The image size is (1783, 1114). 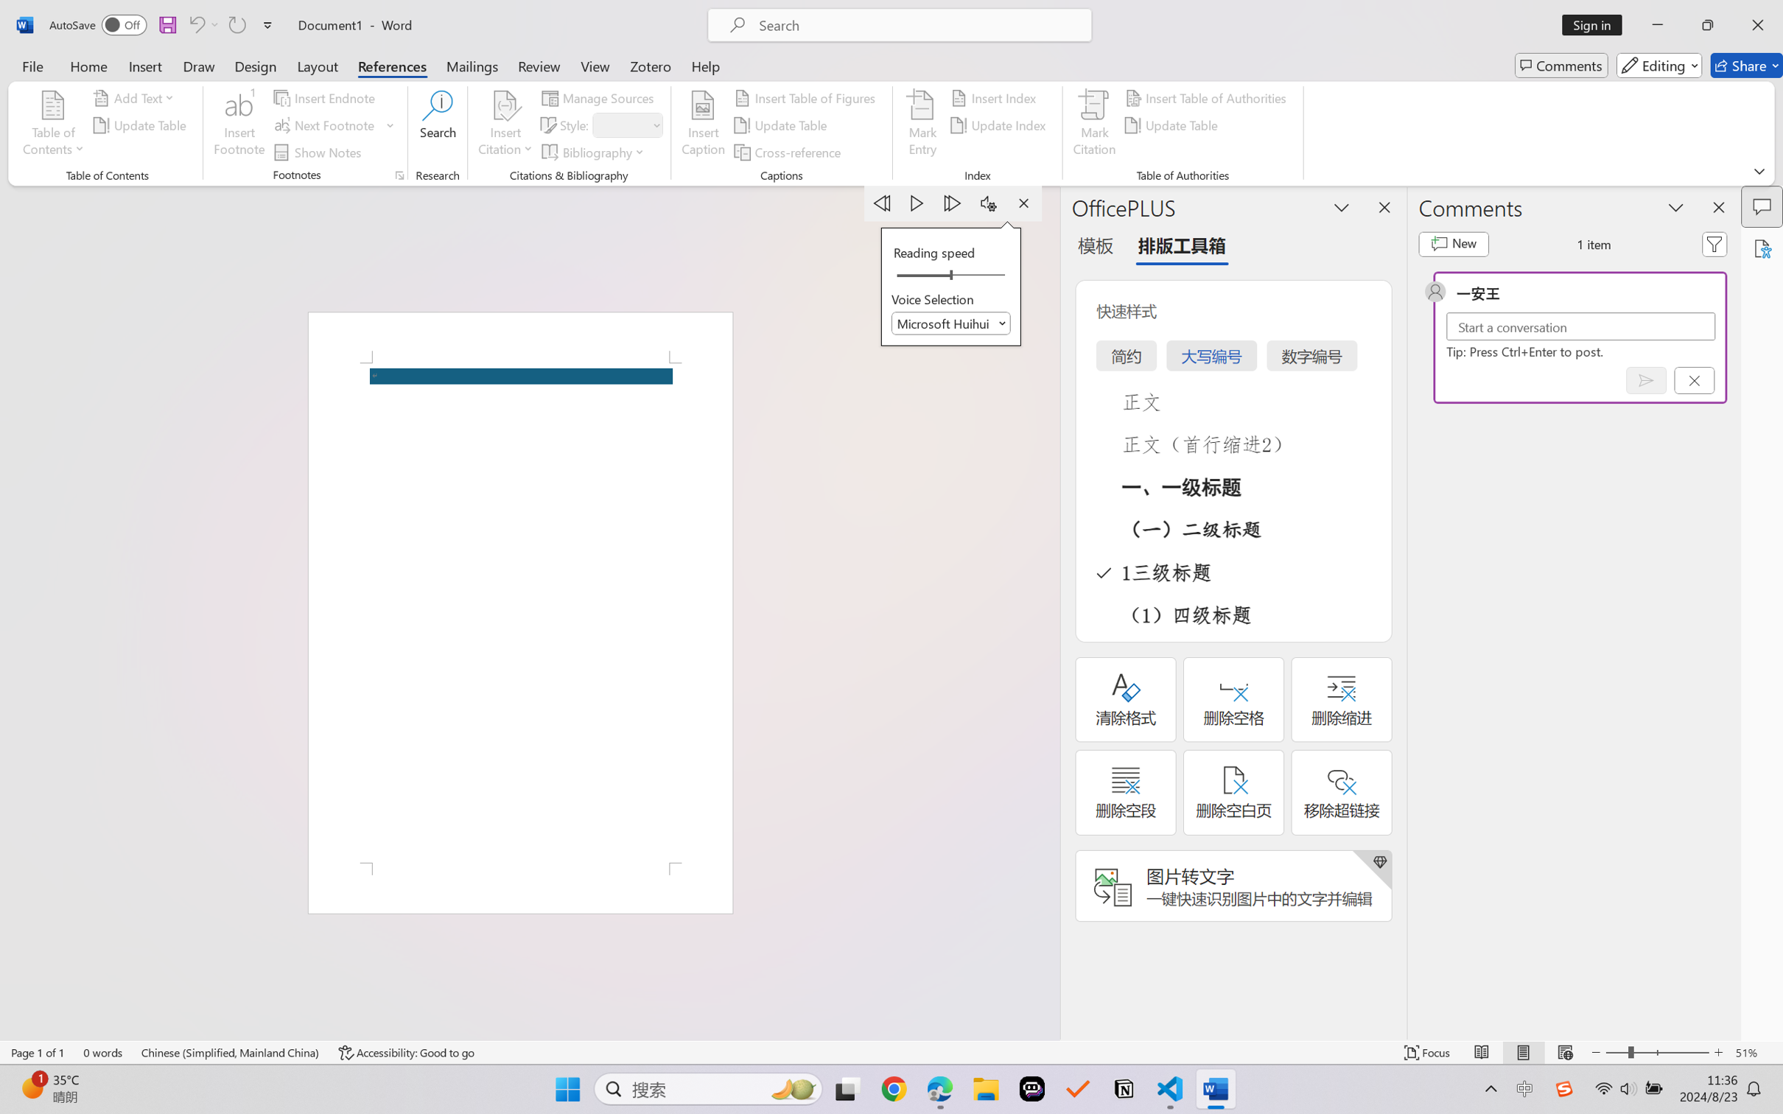 What do you see at coordinates (135, 97) in the screenshot?
I see `'Add Text'` at bounding box center [135, 97].